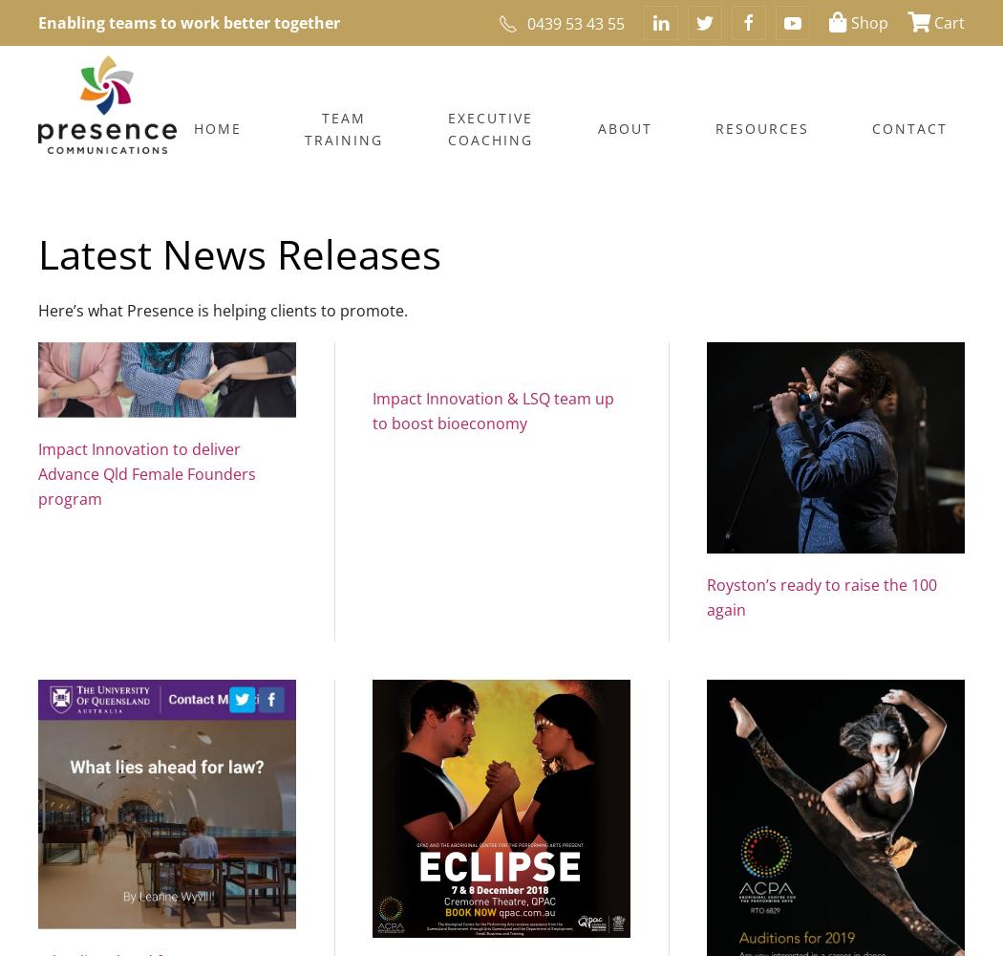  Describe the element at coordinates (714, 128) in the screenshot. I see `'RESOURCES'` at that location.